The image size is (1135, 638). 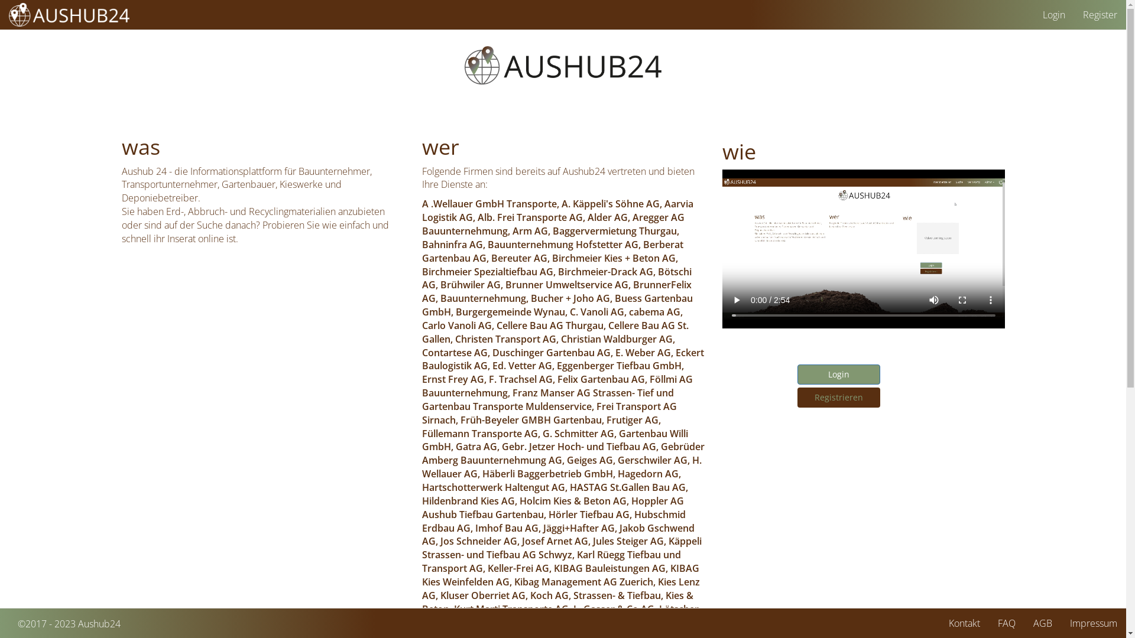 What do you see at coordinates (1100, 14) in the screenshot?
I see `'Register'` at bounding box center [1100, 14].